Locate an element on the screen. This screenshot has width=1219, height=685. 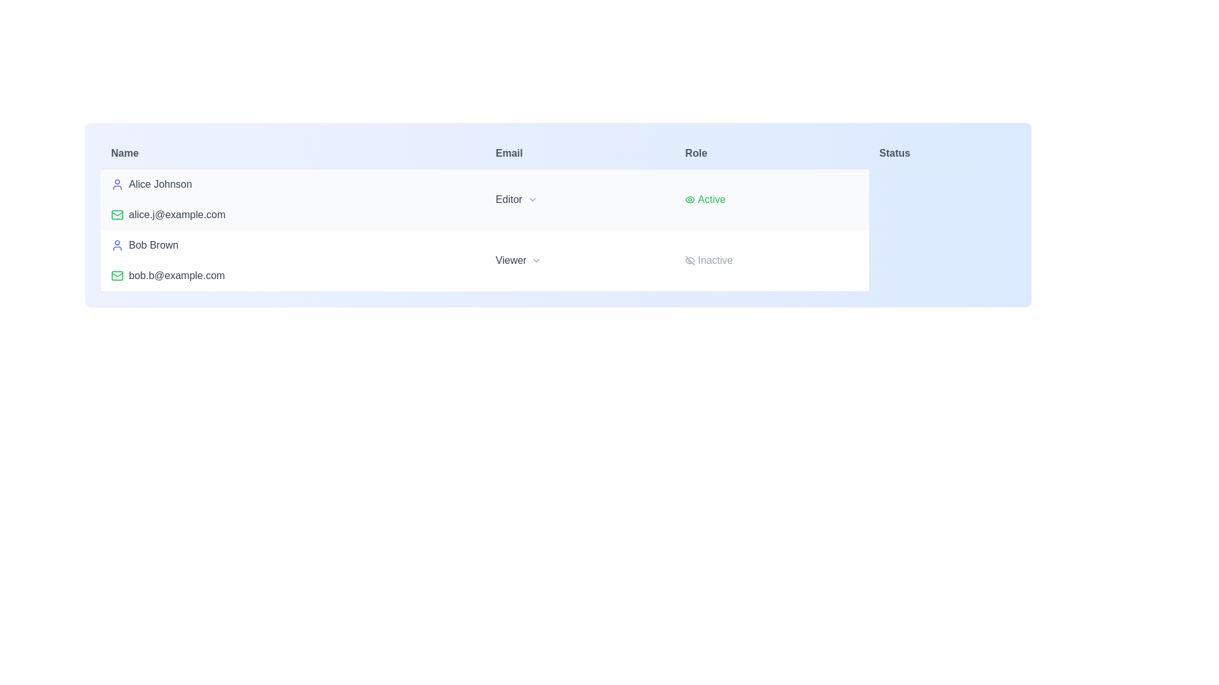
the 'Viewer' dropdown menu element associated with user 'Bob Brown' in the Role column is located at coordinates (580, 260).